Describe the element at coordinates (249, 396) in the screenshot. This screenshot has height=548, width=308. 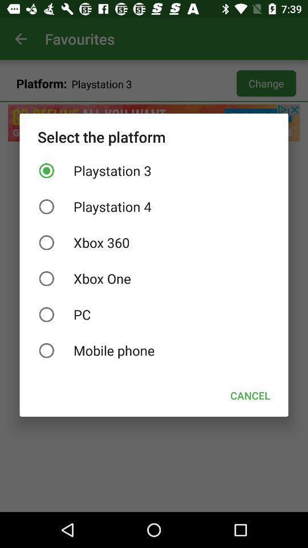
I see `the item below mobile phone` at that location.